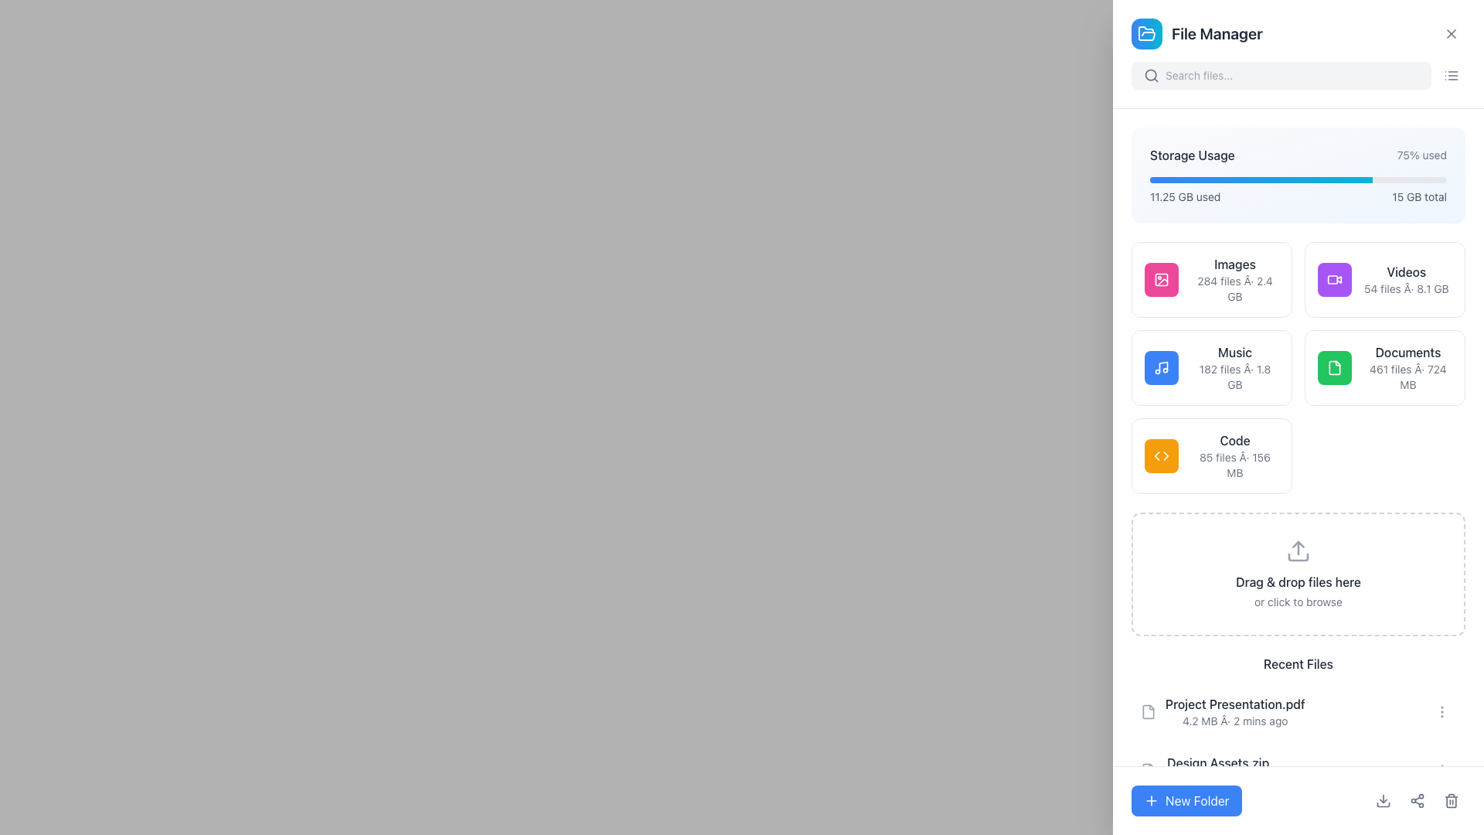 This screenshot has height=835, width=1484. Describe the element at coordinates (1151, 800) in the screenshot. I see `the plus sign icon located within the 'New Folder' button at the bottom right corner of the interface` at that location.